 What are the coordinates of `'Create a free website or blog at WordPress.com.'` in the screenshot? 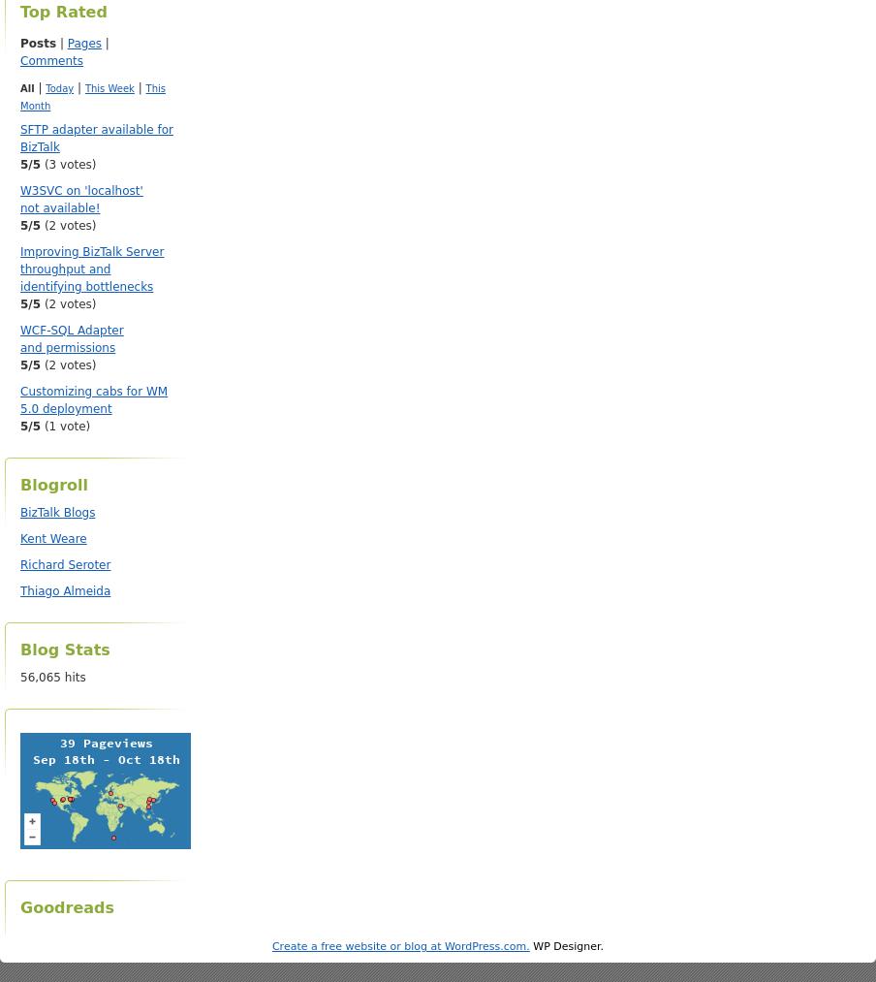 It's located at (269, 946).